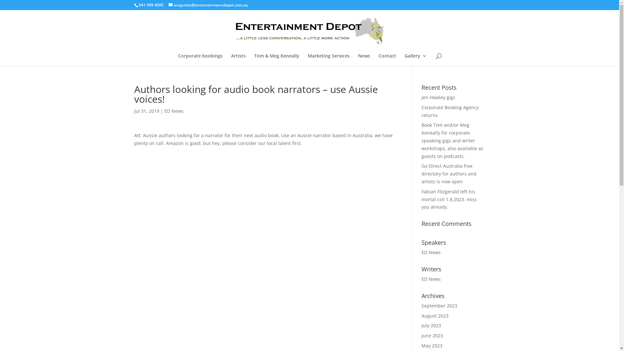 This screenshot has height=351, width=624. What do you see at coordinates (208, 5) in the screenshot?
I see `'enquiries@entertainmentdepot.com.au'` at bounding box center [208, 5].